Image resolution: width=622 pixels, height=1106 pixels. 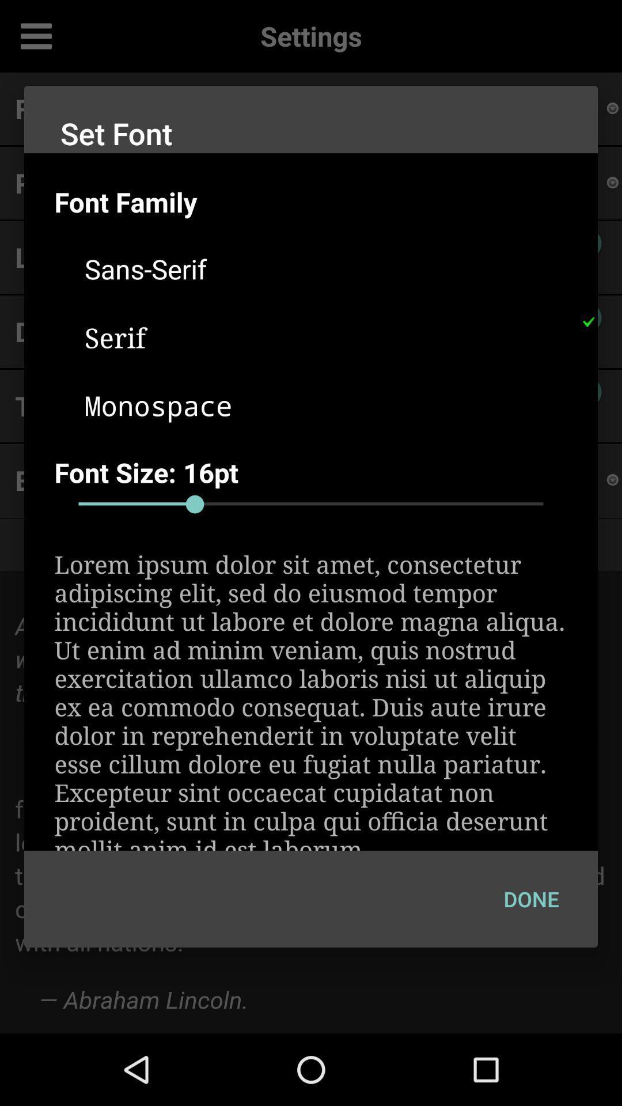 What do you see at coordinates (588, 322) in the screenshot?
I see `the item to the right of the serif` at bounding box center [588, 322].